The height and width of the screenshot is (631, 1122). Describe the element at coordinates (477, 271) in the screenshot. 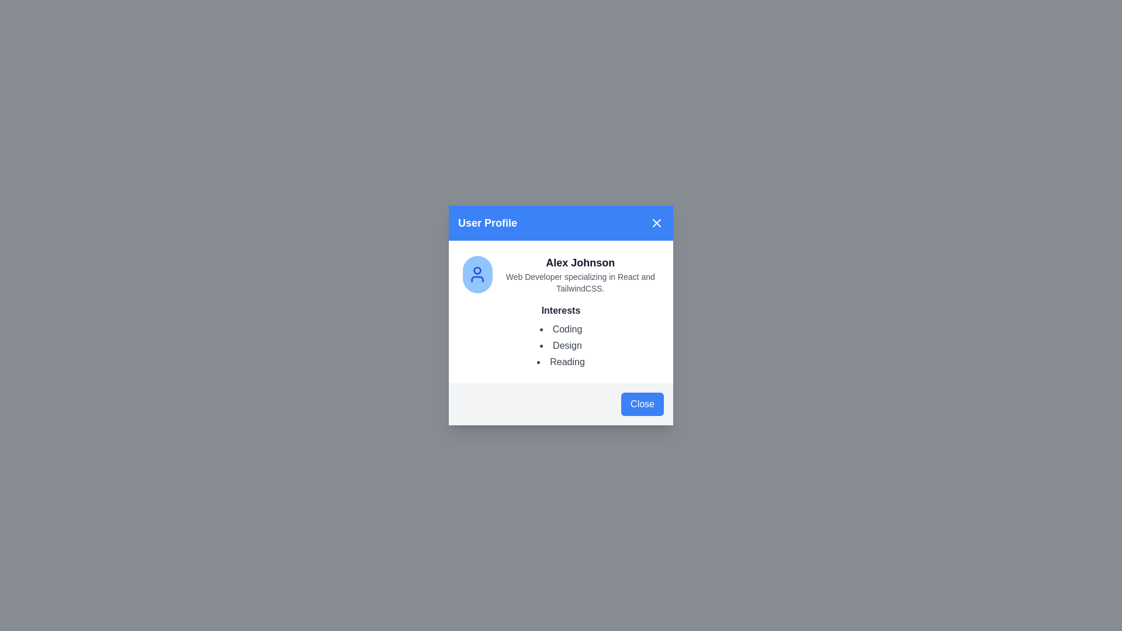

I see `the decorative SVG Circle within the user avatar that enhances the profile image aesthetics` at that location.